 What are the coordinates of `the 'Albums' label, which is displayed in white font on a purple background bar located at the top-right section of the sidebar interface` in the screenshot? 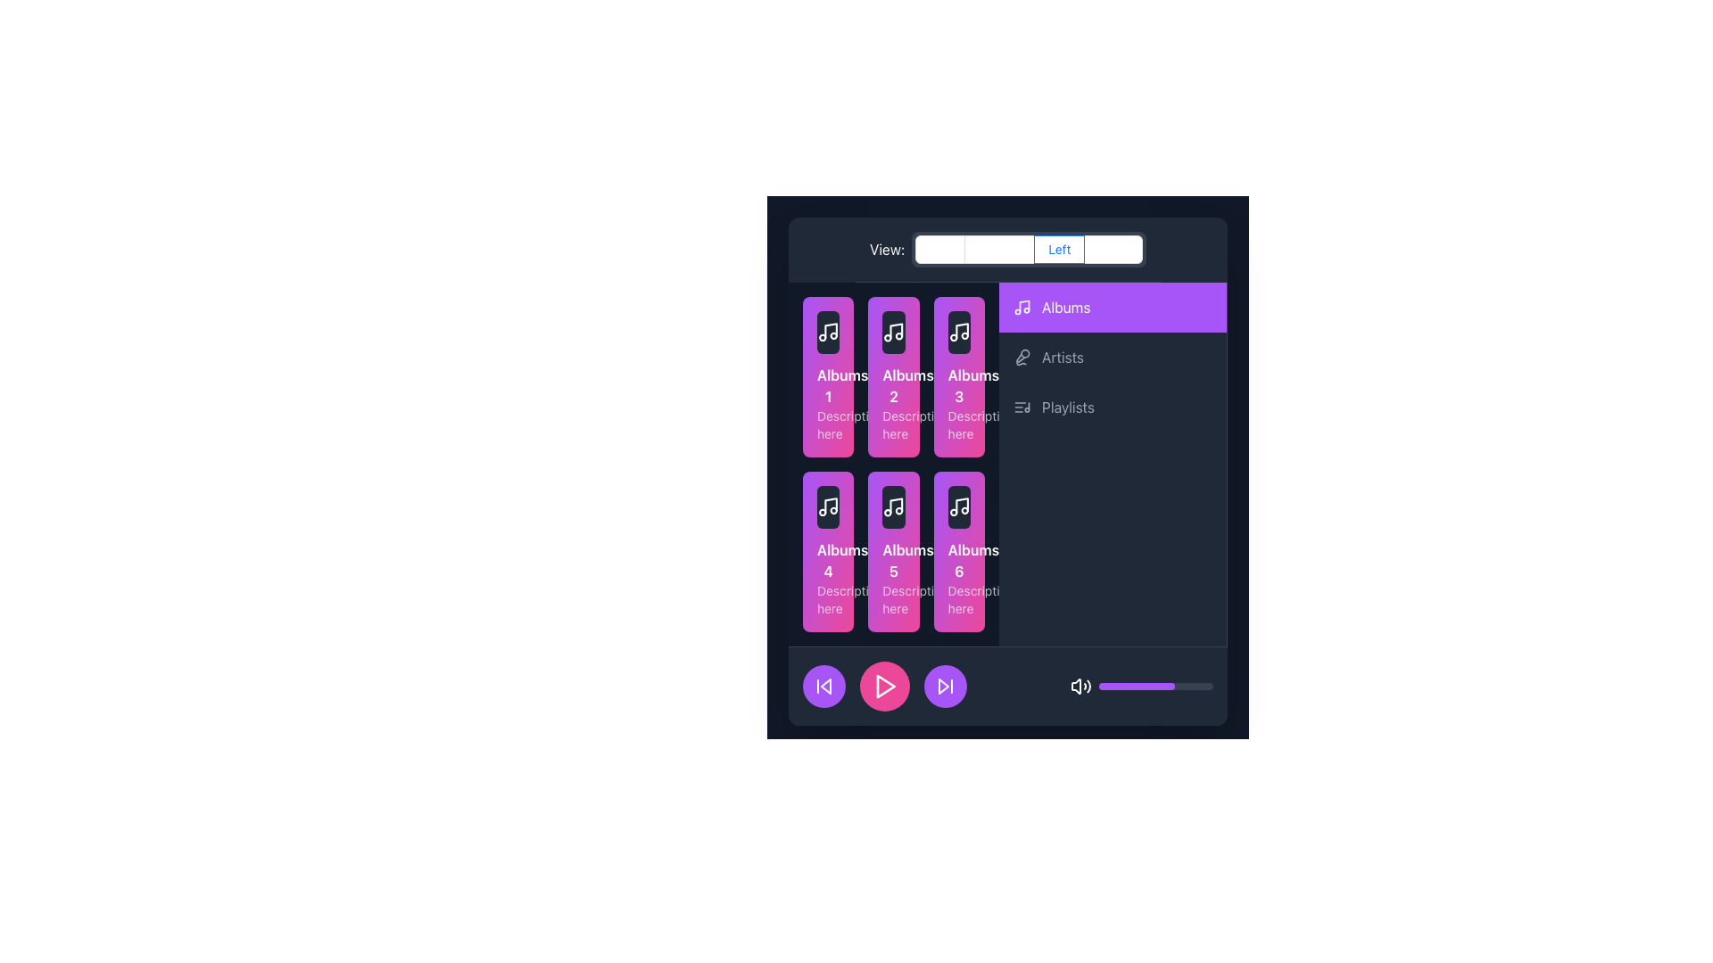 It's located at (1066, 306).